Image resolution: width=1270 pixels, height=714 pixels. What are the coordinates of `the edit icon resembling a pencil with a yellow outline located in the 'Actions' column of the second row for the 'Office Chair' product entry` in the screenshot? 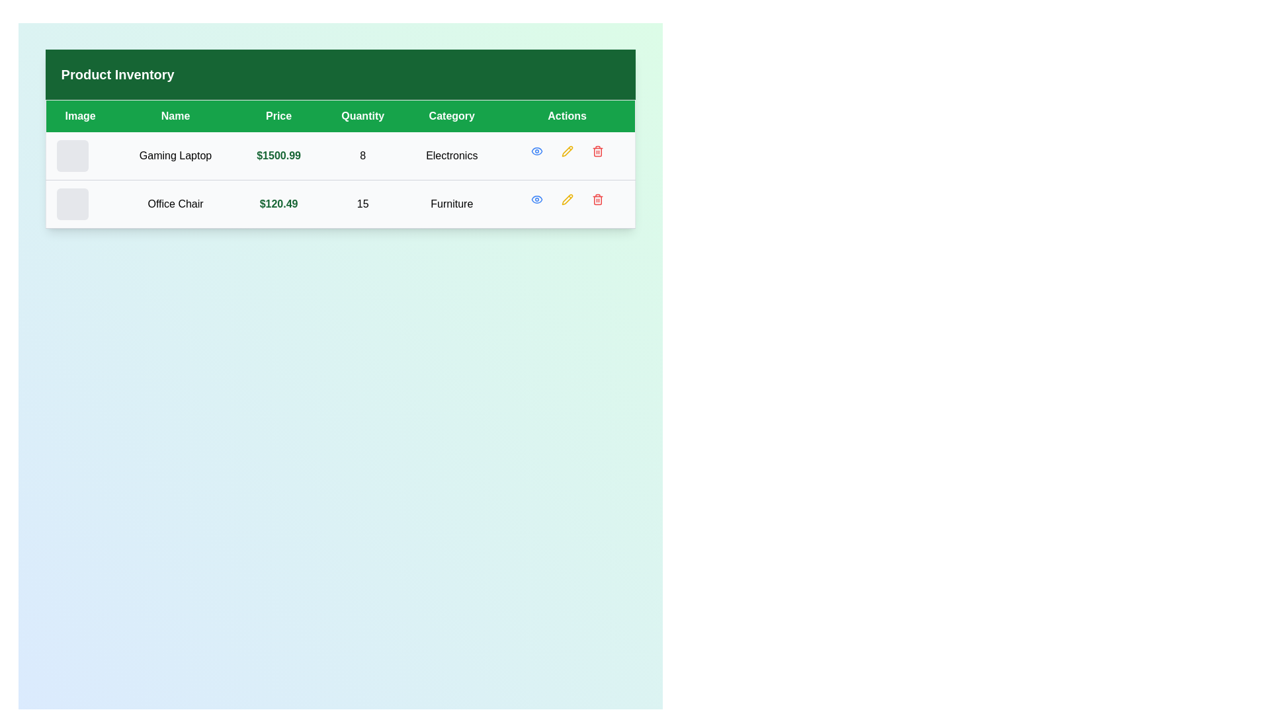 It's located at (567, 150).